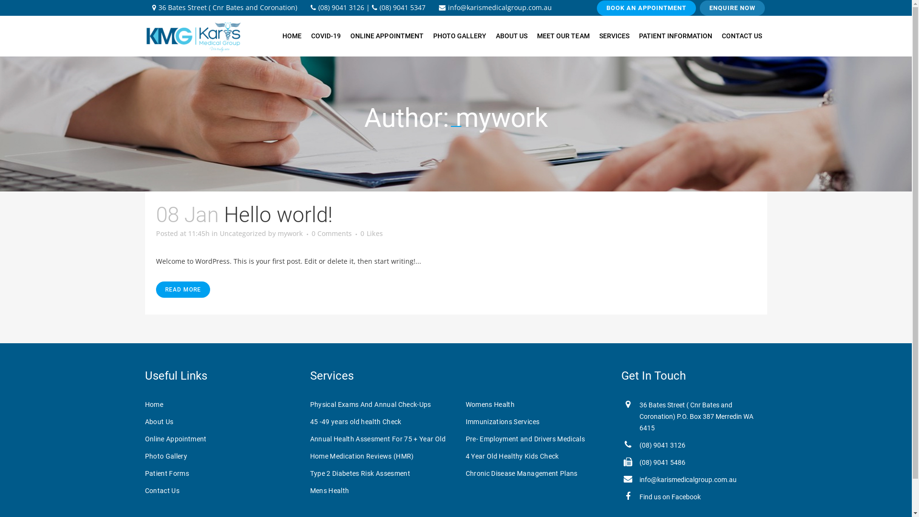 The image size is (919, 517). What do you see at coordinates (532, 35) in the screenshot?
I see `'MEET OUR TEAM'` at bounding box center [532, 35].